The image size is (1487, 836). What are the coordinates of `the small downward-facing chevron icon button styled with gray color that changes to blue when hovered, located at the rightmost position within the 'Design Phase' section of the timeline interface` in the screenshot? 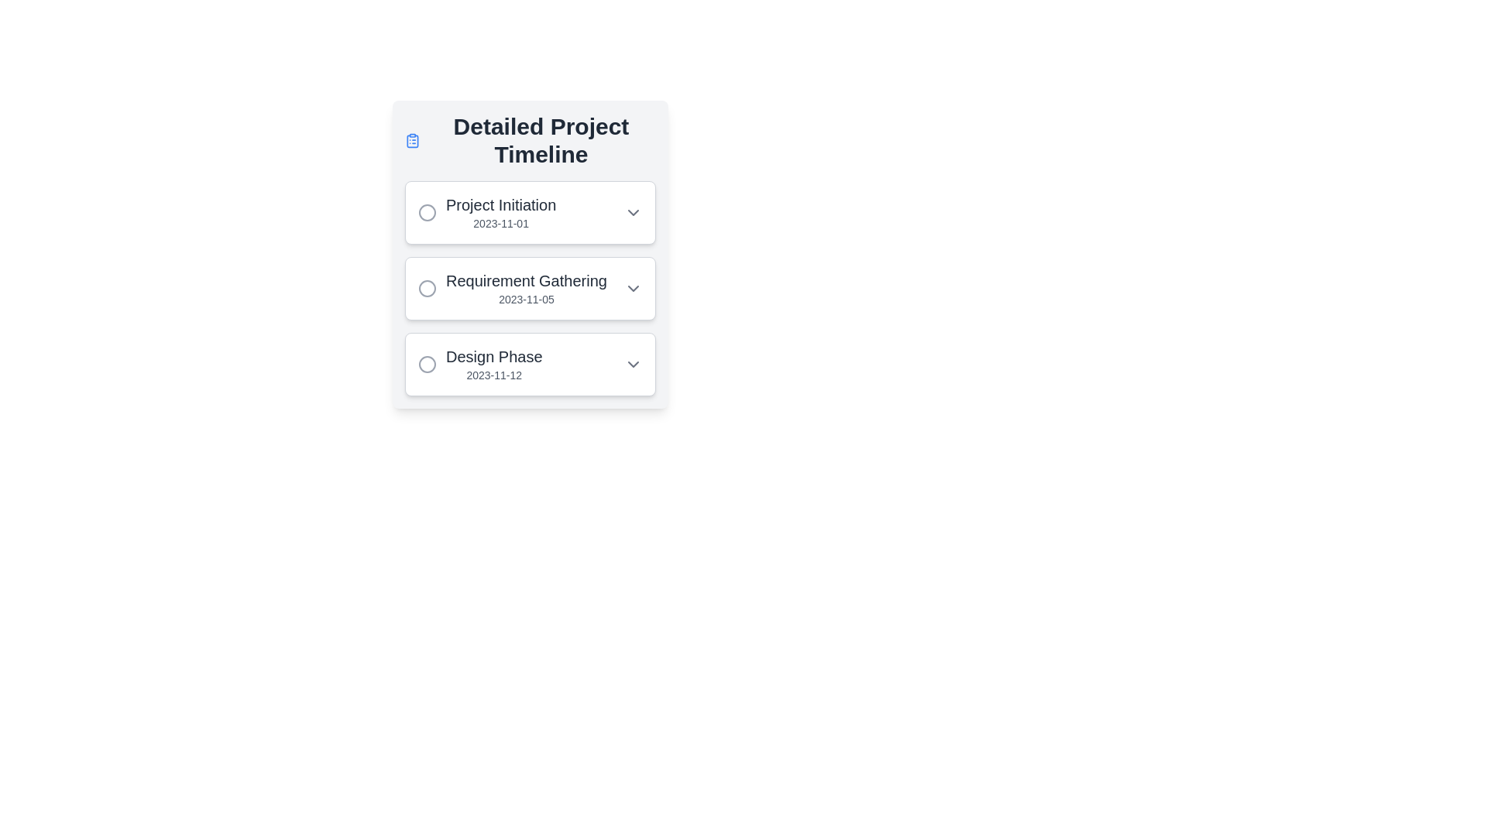 It's located at (633, 364).